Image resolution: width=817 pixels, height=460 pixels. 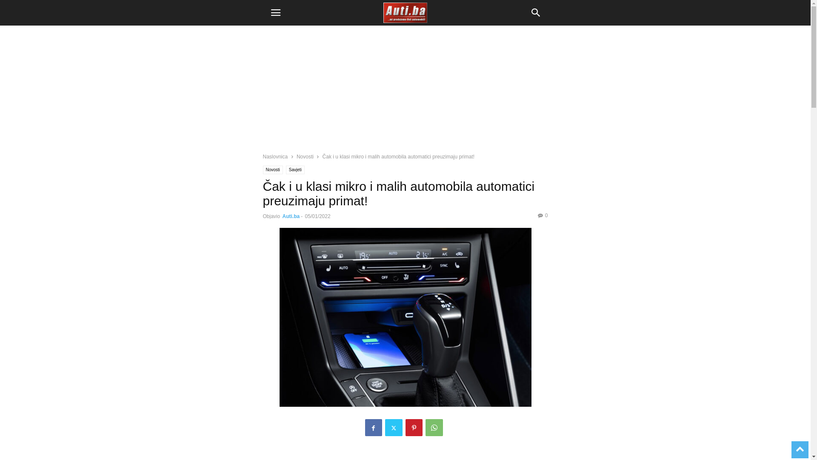 What do you see at coordinates (275, 156) in the screenshot?
I see `'Naslovnica'` at bounding box center [275, 156].